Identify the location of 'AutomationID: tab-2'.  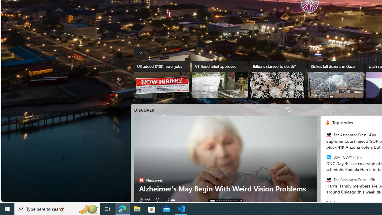
(219, 201).